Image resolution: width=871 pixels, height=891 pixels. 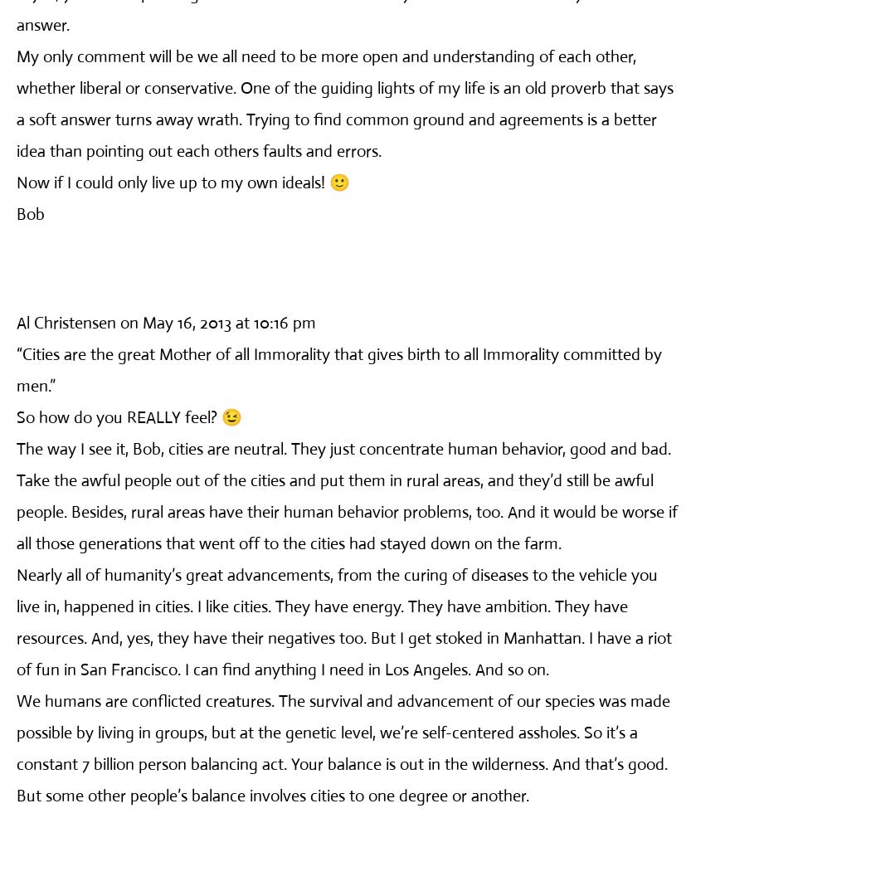 I want to click on 'My only comment will be we all need to be more open and understanding of each other, whether liberal or conservative. One of the guiding lights of my life is an old proverb that says a soft answer turns away wrath. Trying to find common ground and agreements is a better idea than pointing out each others faults and errors.', so click(x=344, y=102).